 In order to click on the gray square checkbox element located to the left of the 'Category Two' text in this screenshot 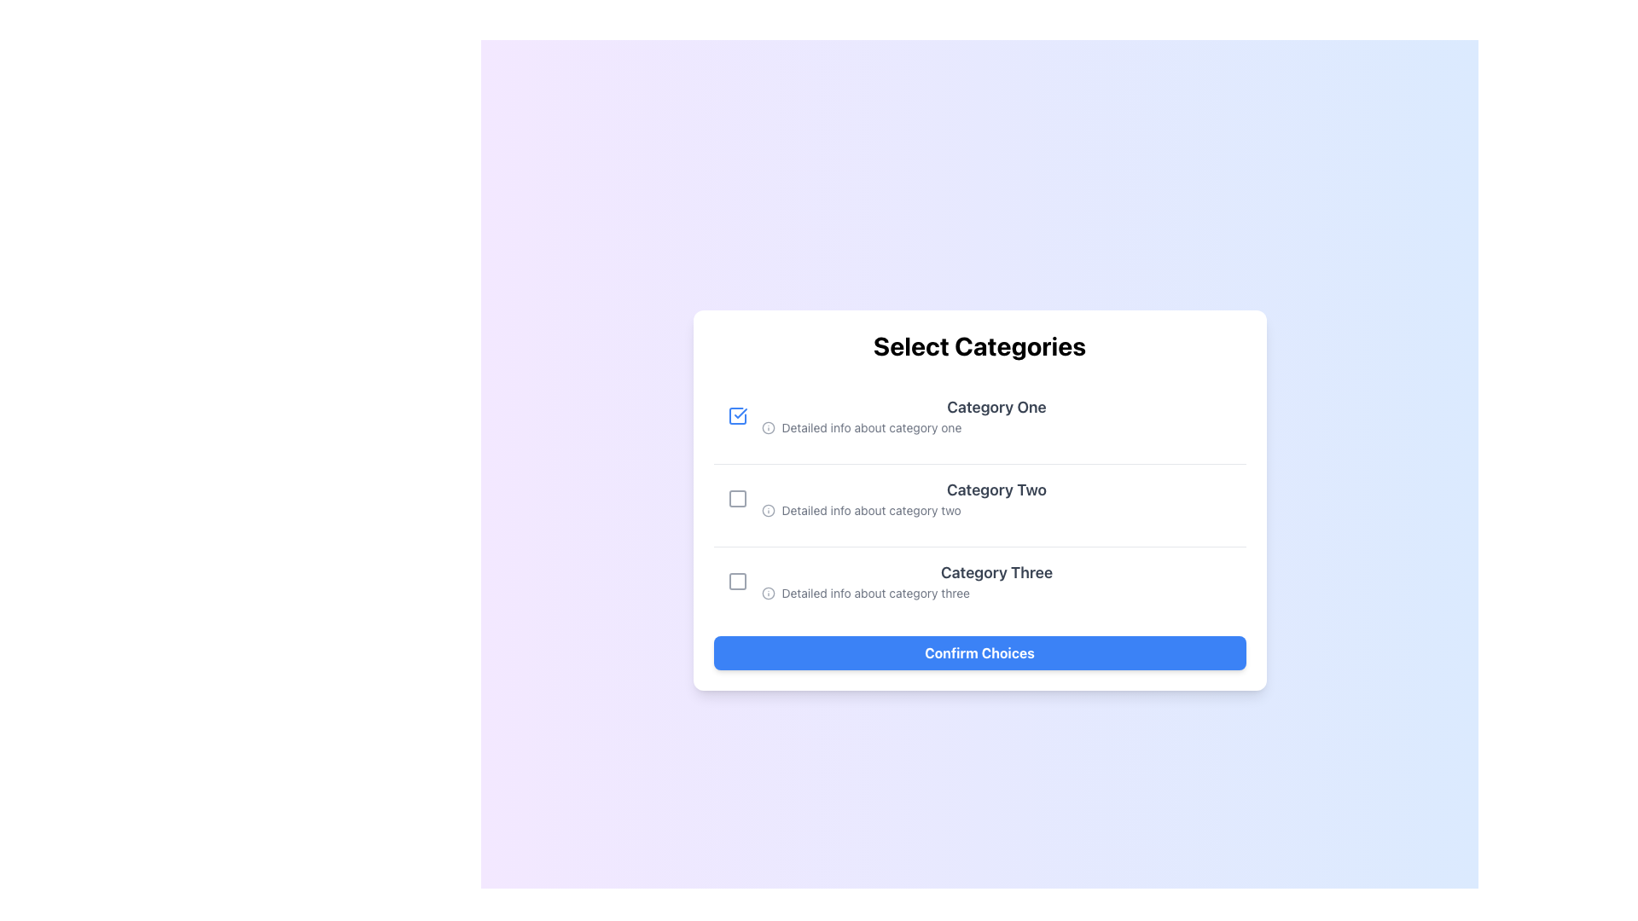, I will do `click(737, 499)`.